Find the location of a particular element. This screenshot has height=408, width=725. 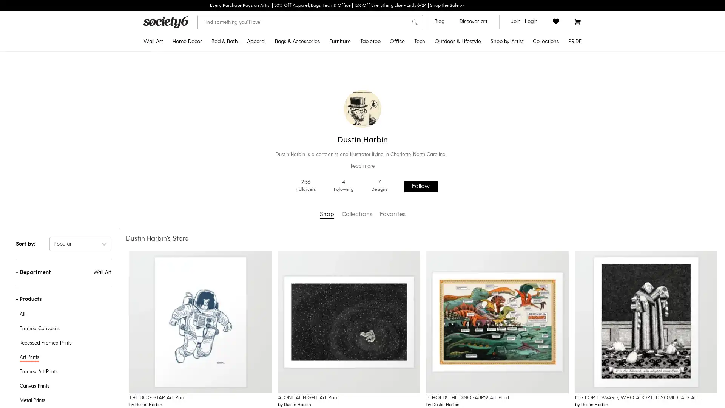

Bed & Bath is located at coordinates (224, 42).